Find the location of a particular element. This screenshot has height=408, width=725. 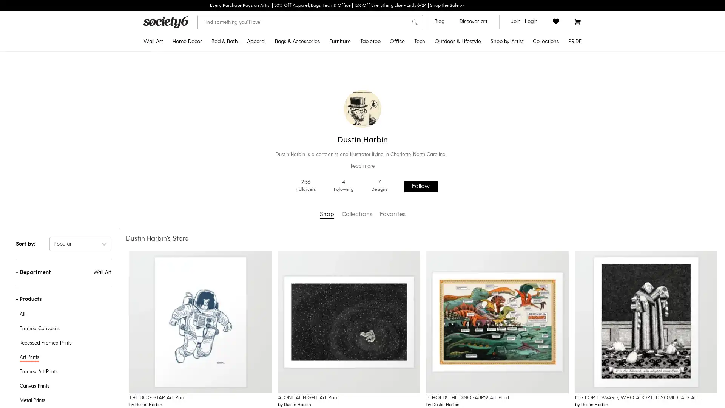

Bed & Bath is located at coordinates (224, 42).